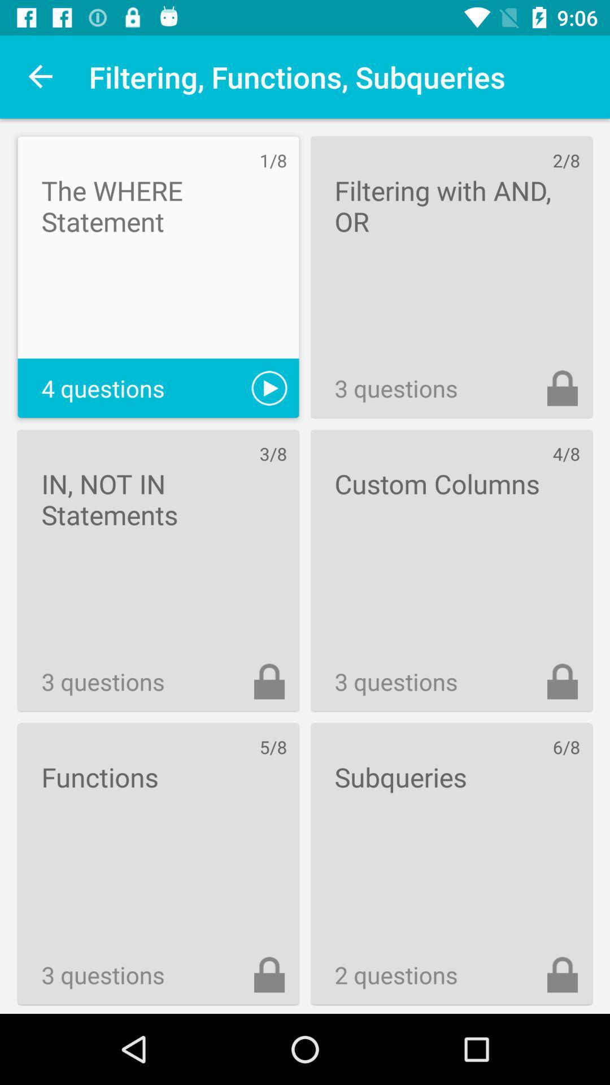 This screenshot has height=1085, width=610. Describe the element at coordinates (41, 76) in the screenshot. I see `icon next to the filtering, functions, subqueries` at that location.